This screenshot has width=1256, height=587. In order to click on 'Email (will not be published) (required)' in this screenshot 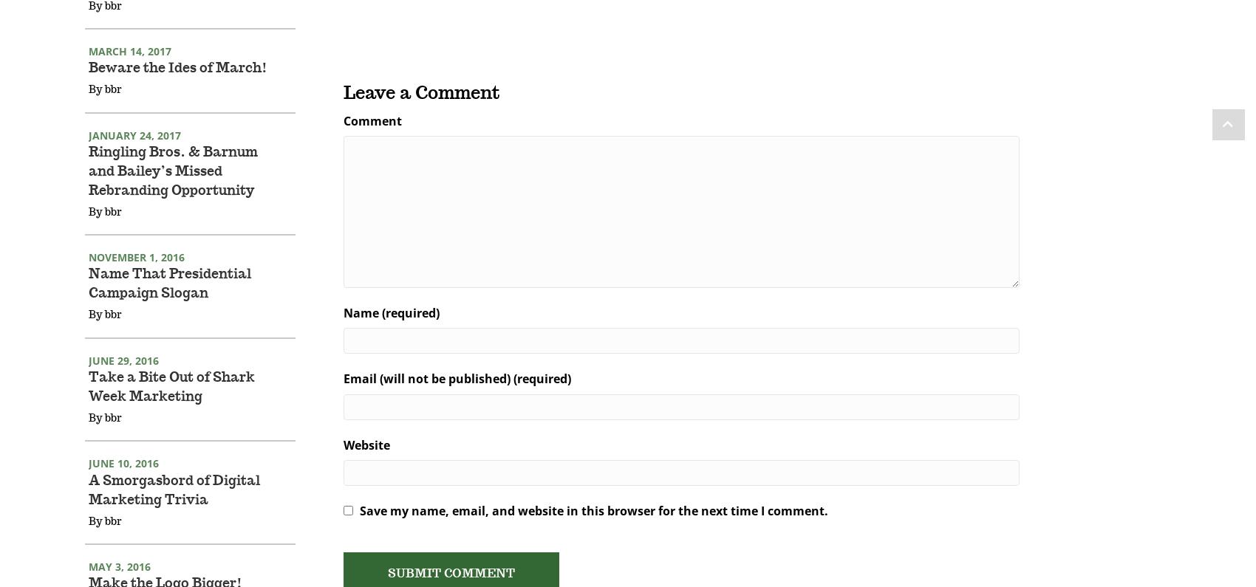, I will do `click(455, 397)`.